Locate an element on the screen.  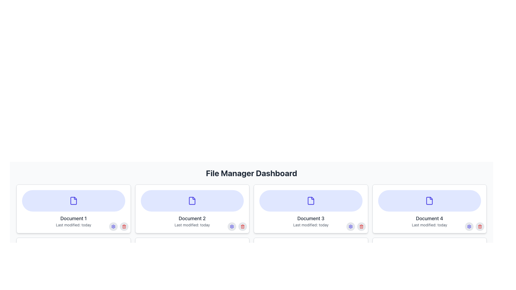
the red trash icon is located at coordinates (237, 227).